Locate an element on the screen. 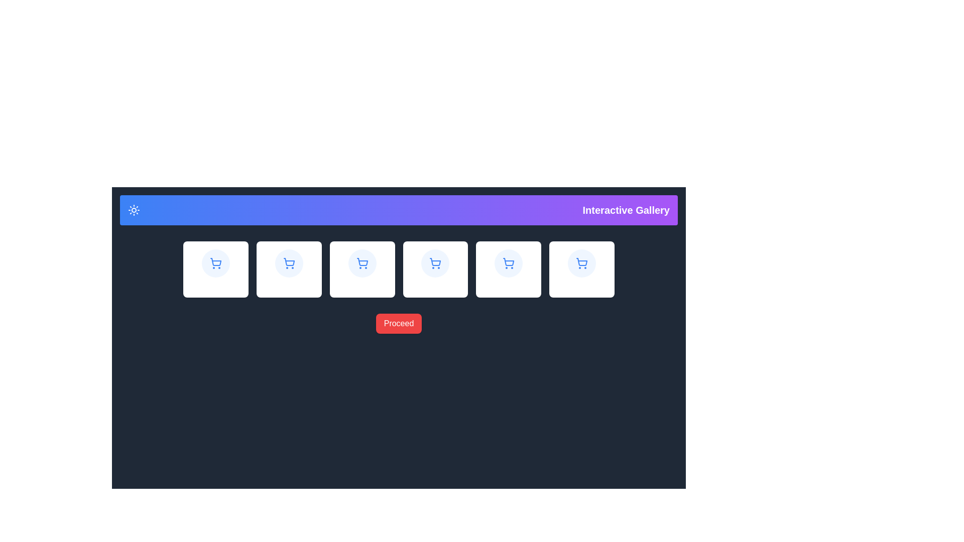 This screenshot has height=542, width=964. the ShoppingCart card, which features a blue shopping cart icon on a white background with rounded corners, located in the top-left of the grid layout is located at coordinates (215, 268).